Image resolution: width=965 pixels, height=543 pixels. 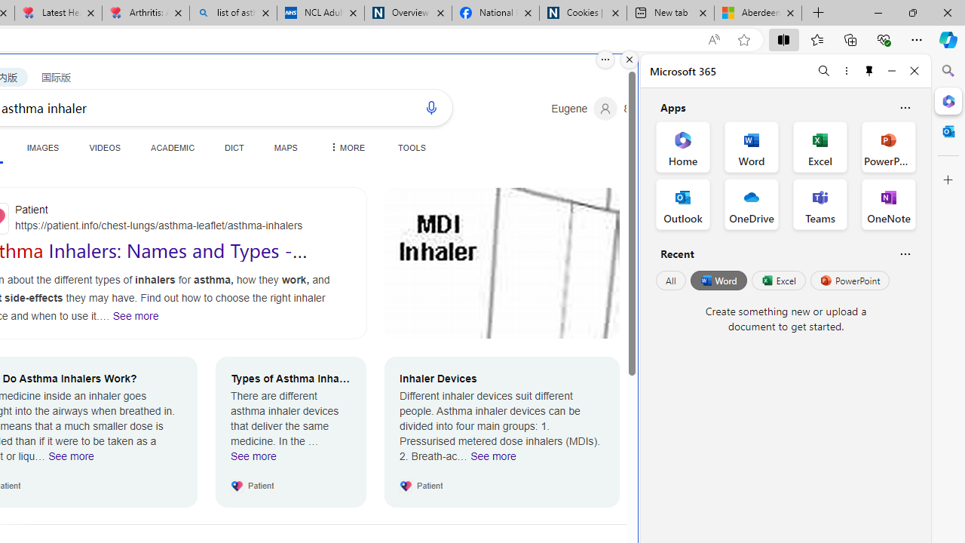 I want to click on 'MAPS', so click(x=285, y=147).